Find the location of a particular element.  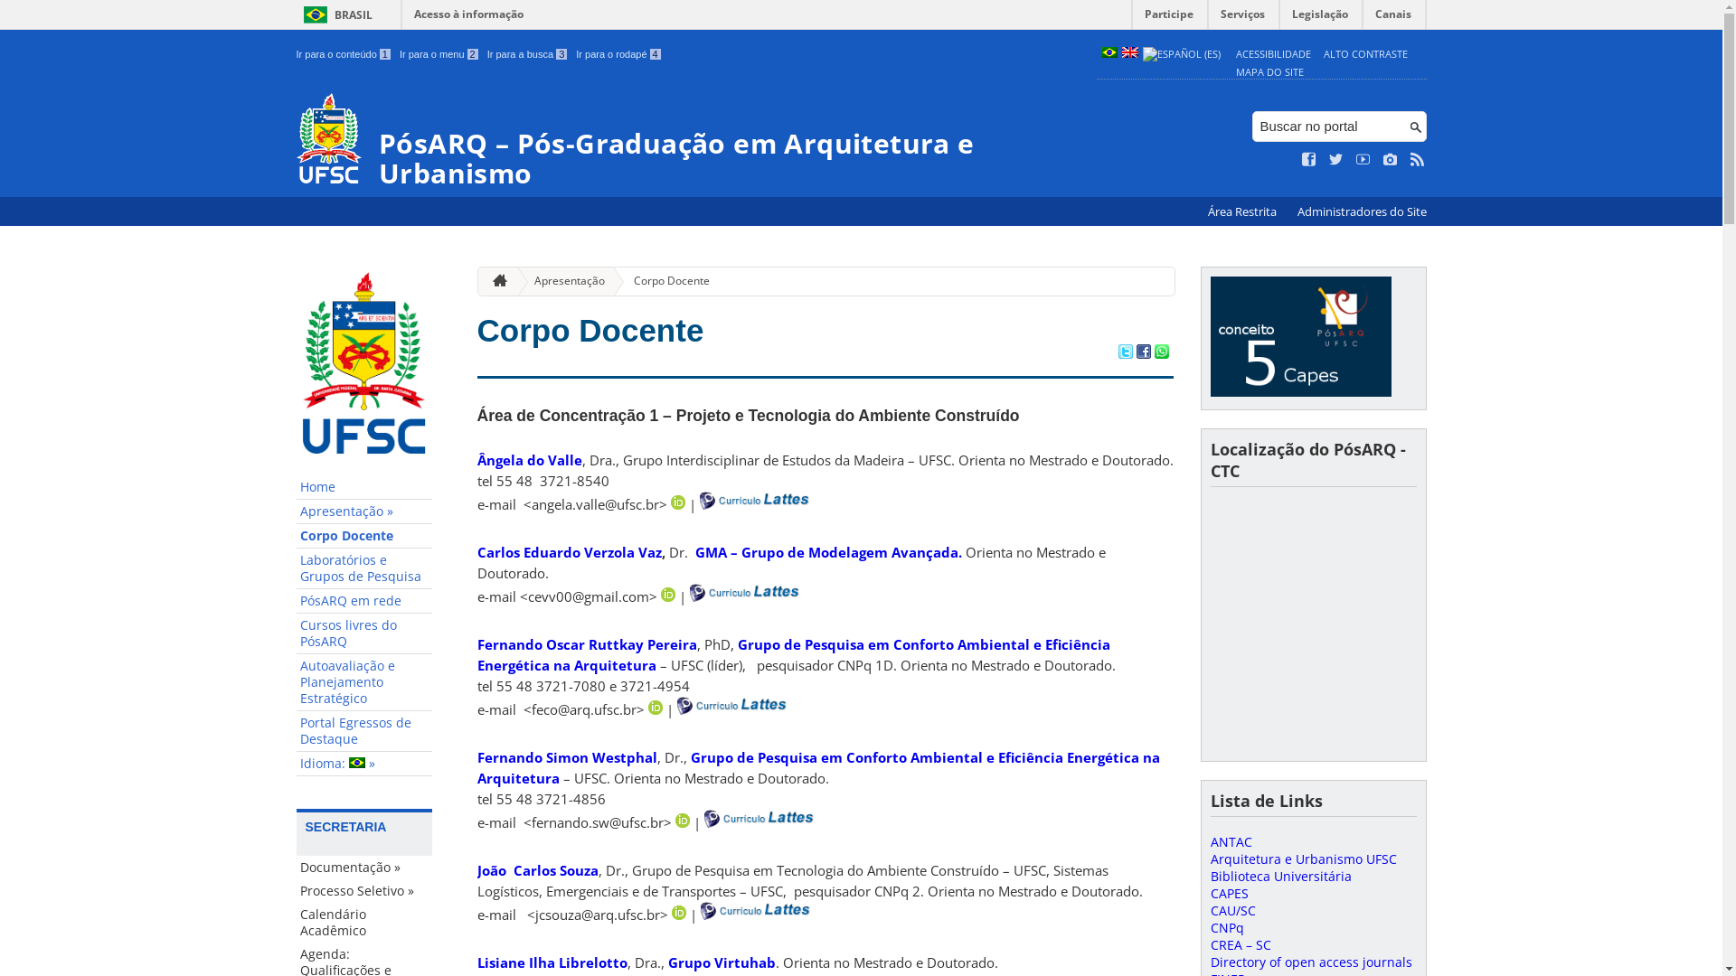

'CAPES' is located at coordinates (1228, 892).